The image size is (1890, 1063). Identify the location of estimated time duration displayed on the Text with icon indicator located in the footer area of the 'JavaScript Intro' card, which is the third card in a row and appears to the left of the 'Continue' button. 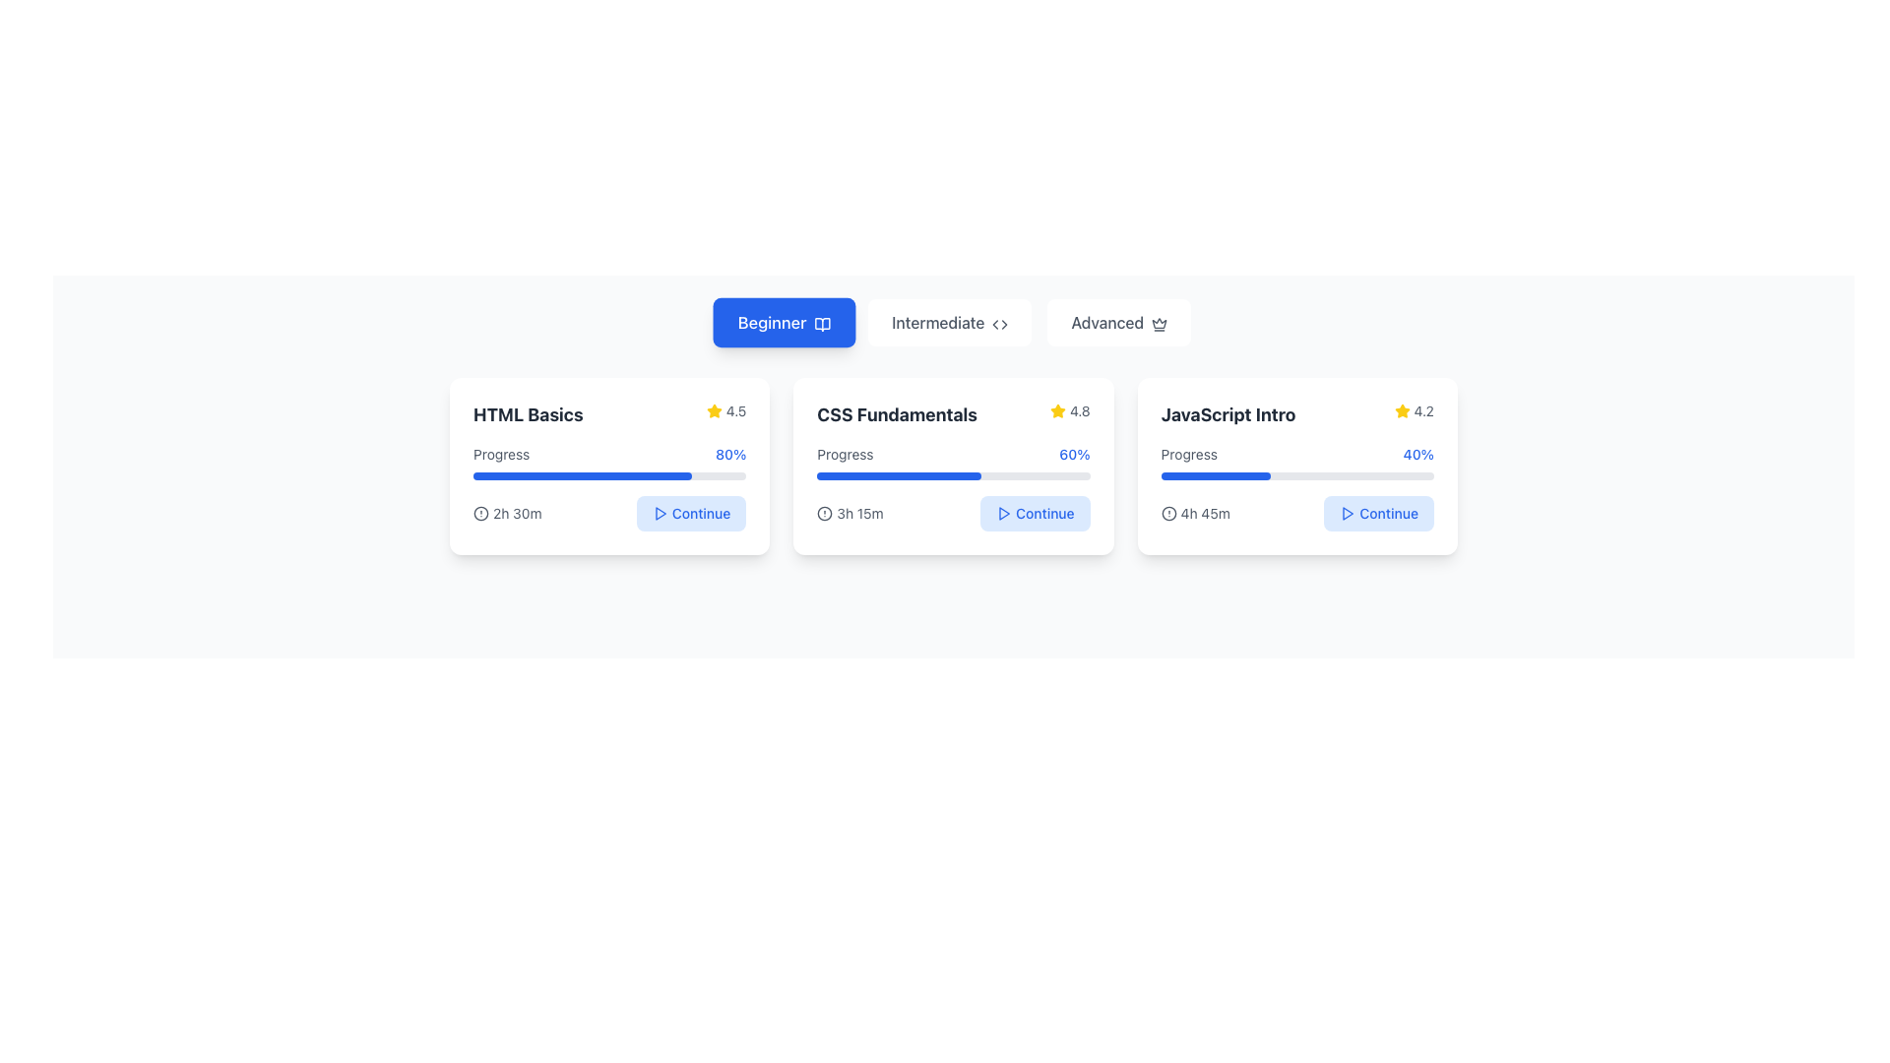
(1194, 512).